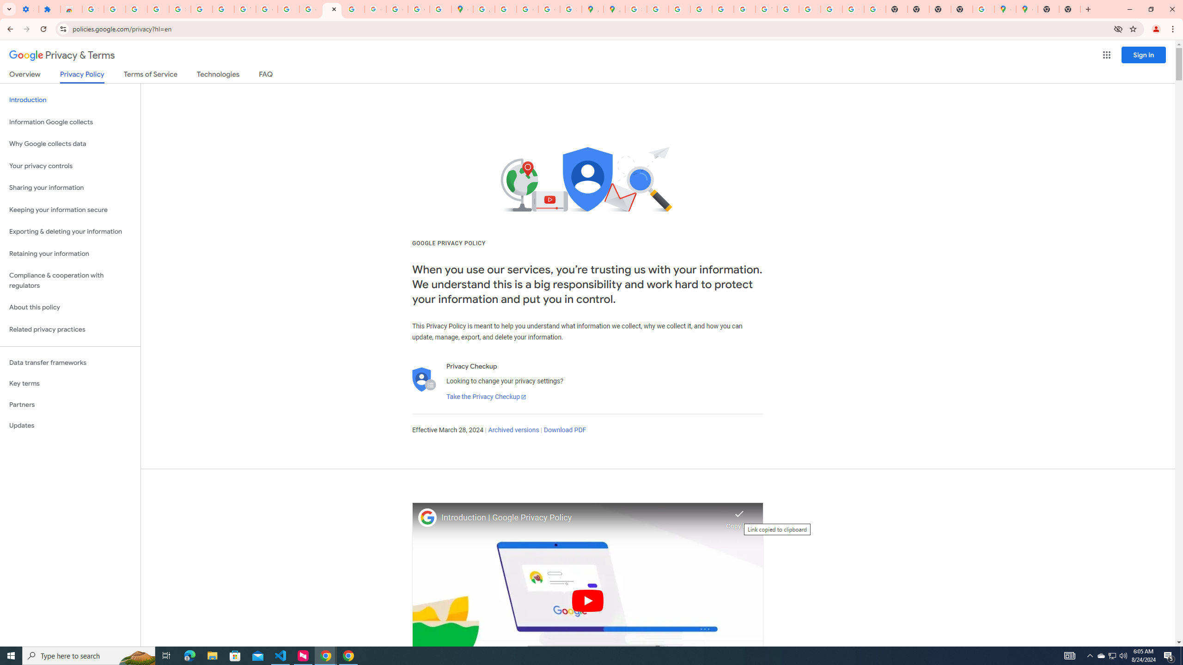 The image size is (1183, 665). What do you see at coordinates (70, 363) in the screenshot?
I see `'Data transfer frameworks'` at bounding box center [70, 363].